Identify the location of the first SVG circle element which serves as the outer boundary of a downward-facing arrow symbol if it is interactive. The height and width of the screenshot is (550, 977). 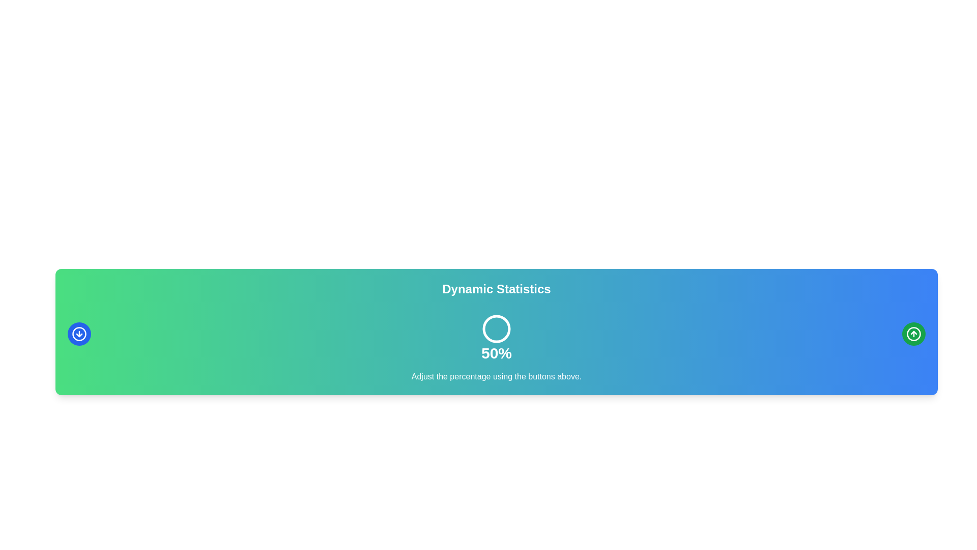
(79, 334).